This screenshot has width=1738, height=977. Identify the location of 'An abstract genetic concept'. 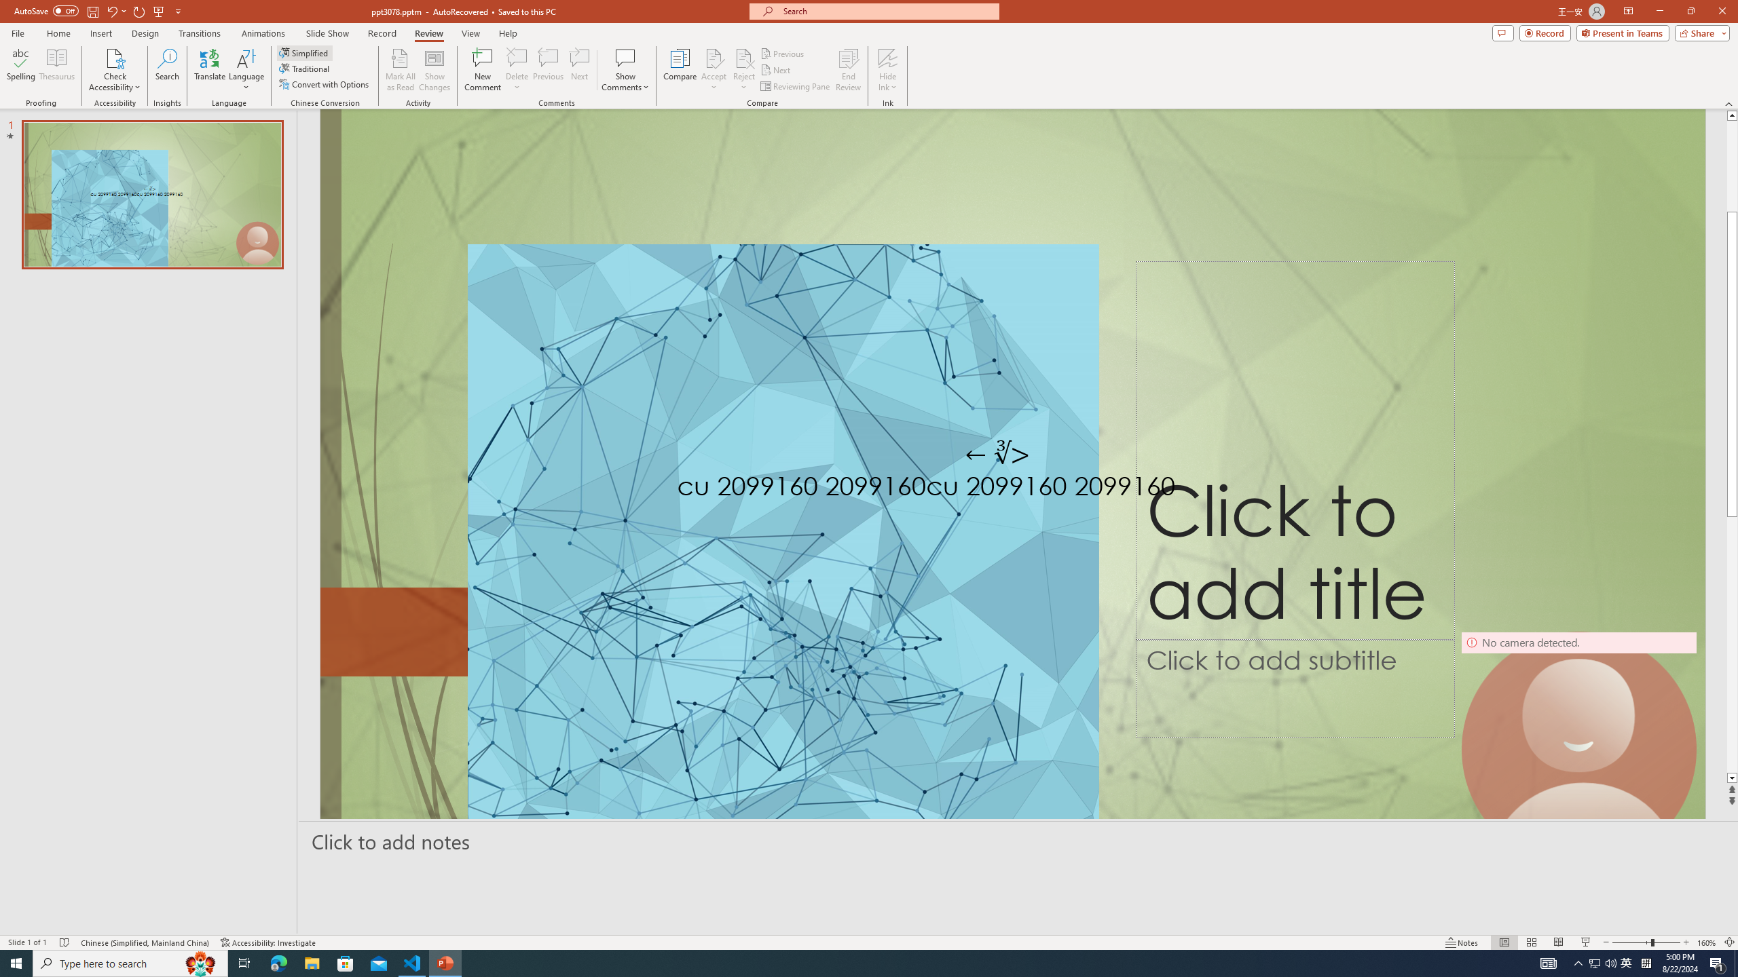
(1012, 491).